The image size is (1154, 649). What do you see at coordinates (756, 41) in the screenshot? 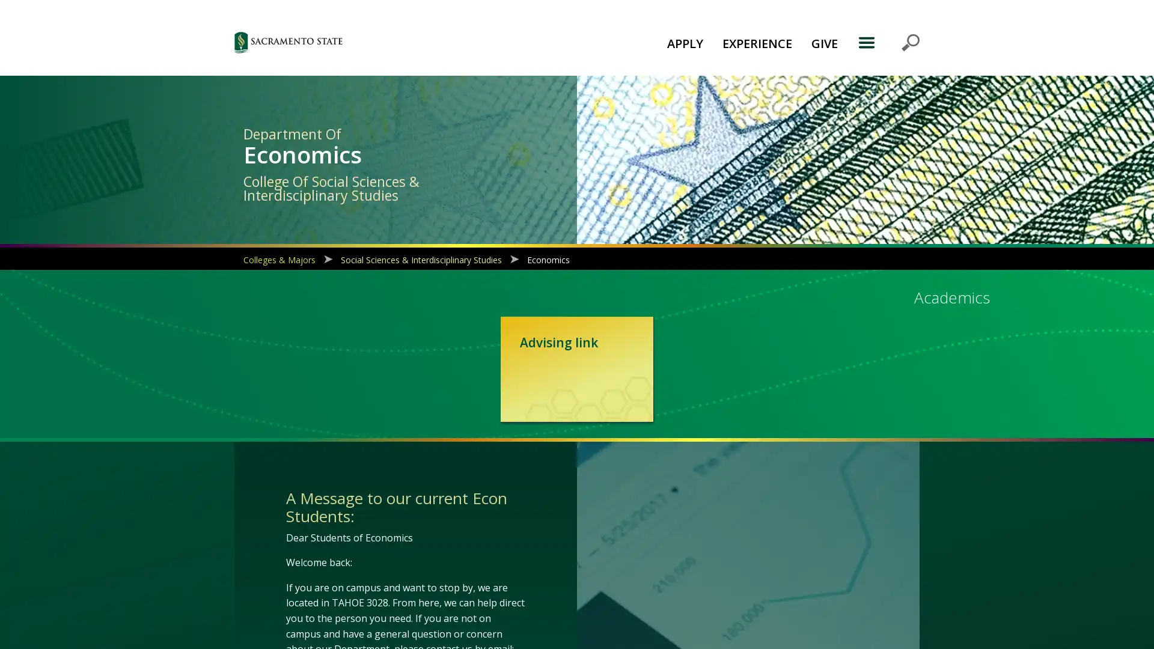
I see `EXPERIENCE` at bounding box center [756, 41].